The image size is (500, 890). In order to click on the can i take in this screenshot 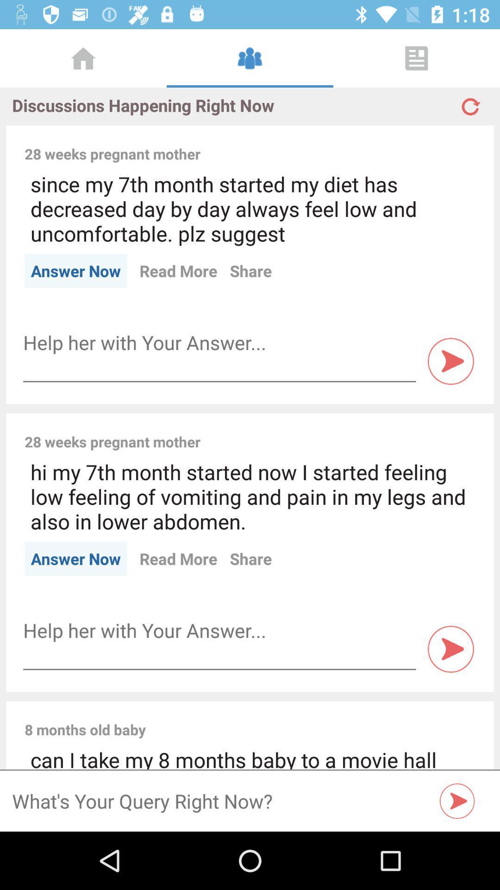, I will do `click(250, 757)`.